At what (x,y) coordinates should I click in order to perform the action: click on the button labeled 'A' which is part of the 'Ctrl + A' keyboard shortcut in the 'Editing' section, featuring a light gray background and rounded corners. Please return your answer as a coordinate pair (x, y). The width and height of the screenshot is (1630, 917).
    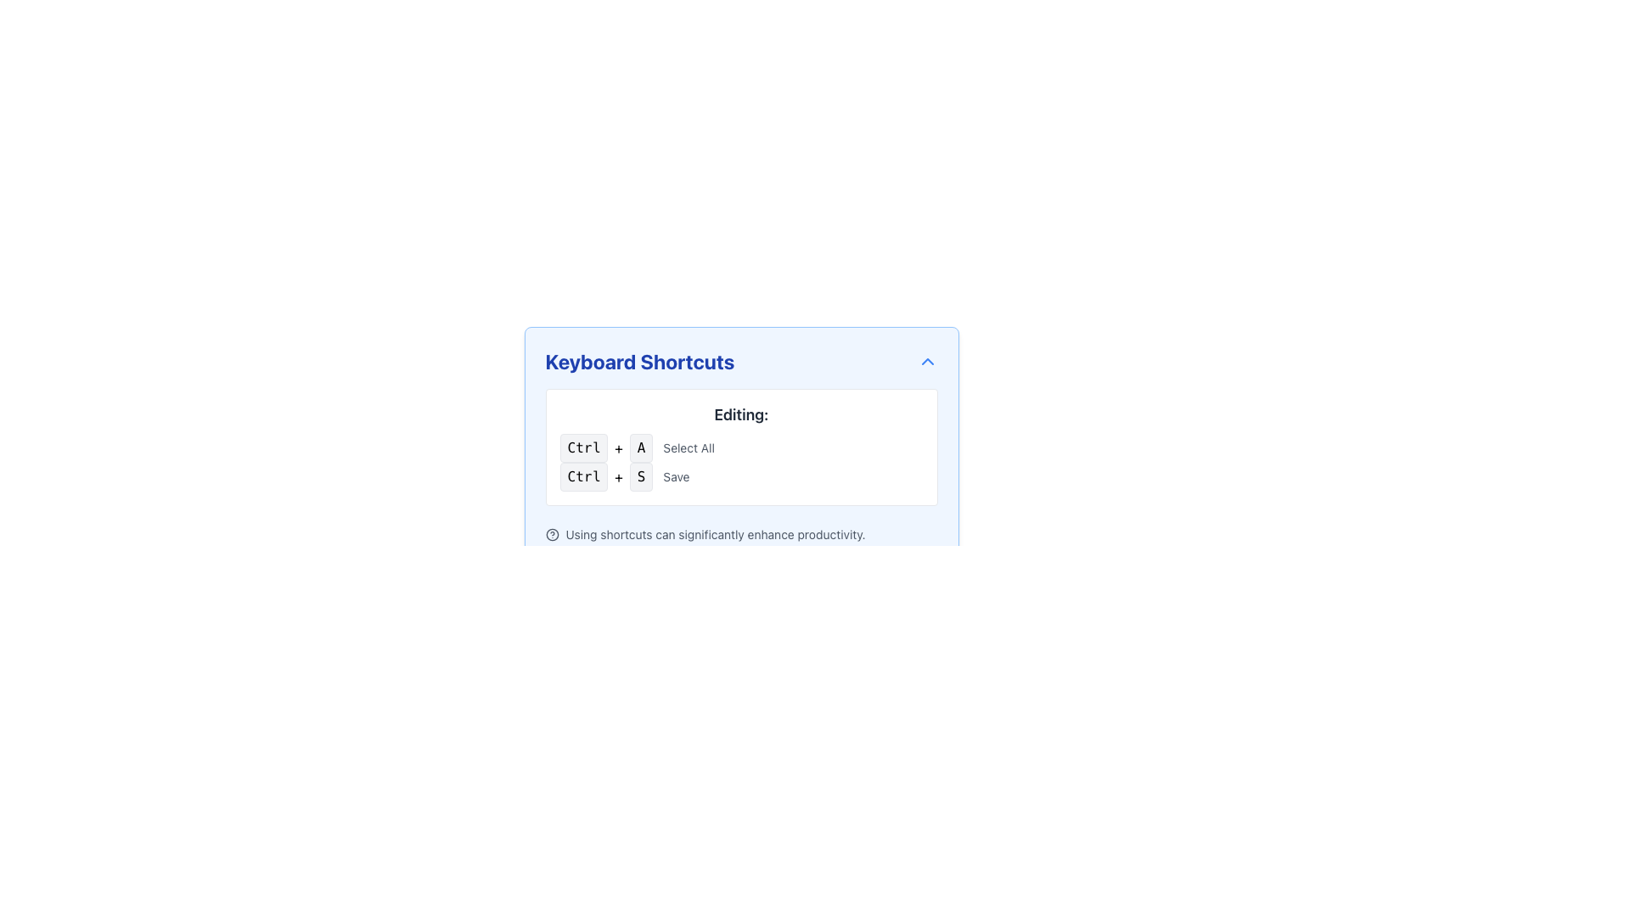
    Looking at the image, I should click on (640, 447).